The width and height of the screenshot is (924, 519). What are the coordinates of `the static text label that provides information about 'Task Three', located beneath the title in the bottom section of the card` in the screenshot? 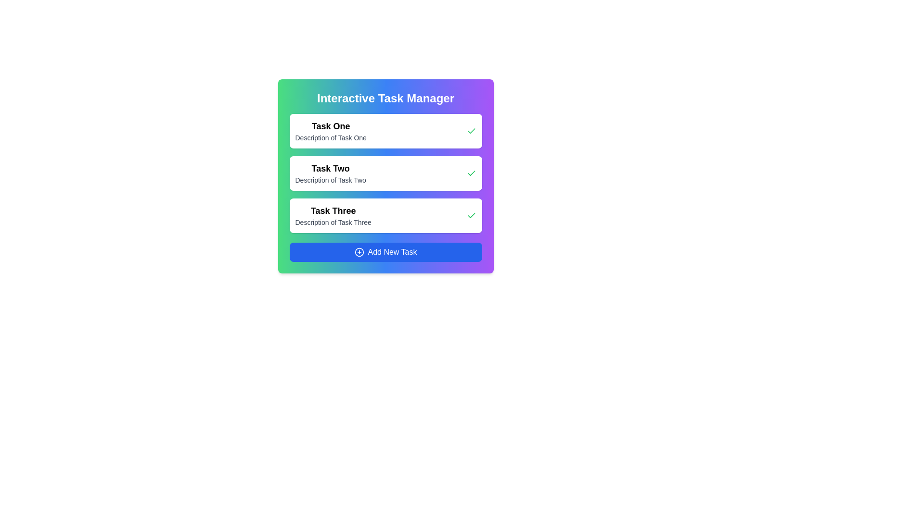 It's located at (333, 222).